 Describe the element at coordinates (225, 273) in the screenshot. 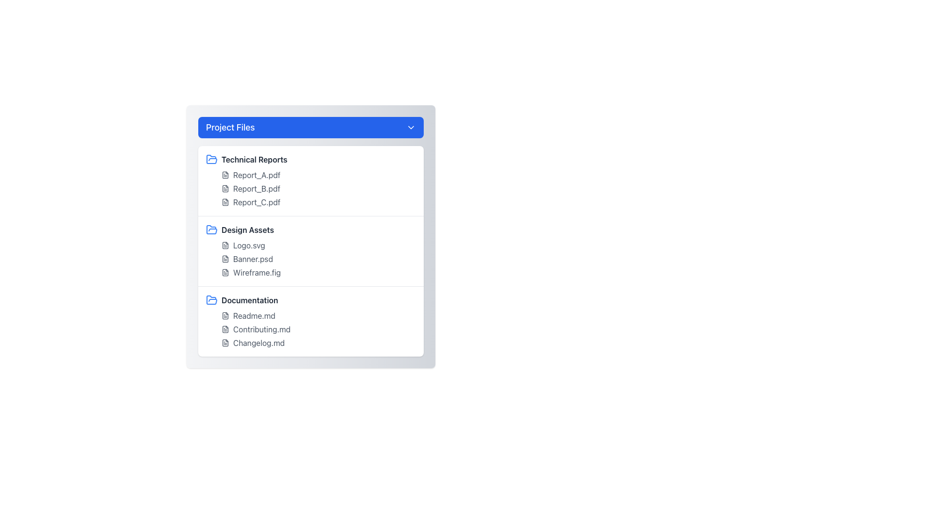

I see `the file icon representing 'Wireframe.fig' in the 'Design Assets' section` at that location.